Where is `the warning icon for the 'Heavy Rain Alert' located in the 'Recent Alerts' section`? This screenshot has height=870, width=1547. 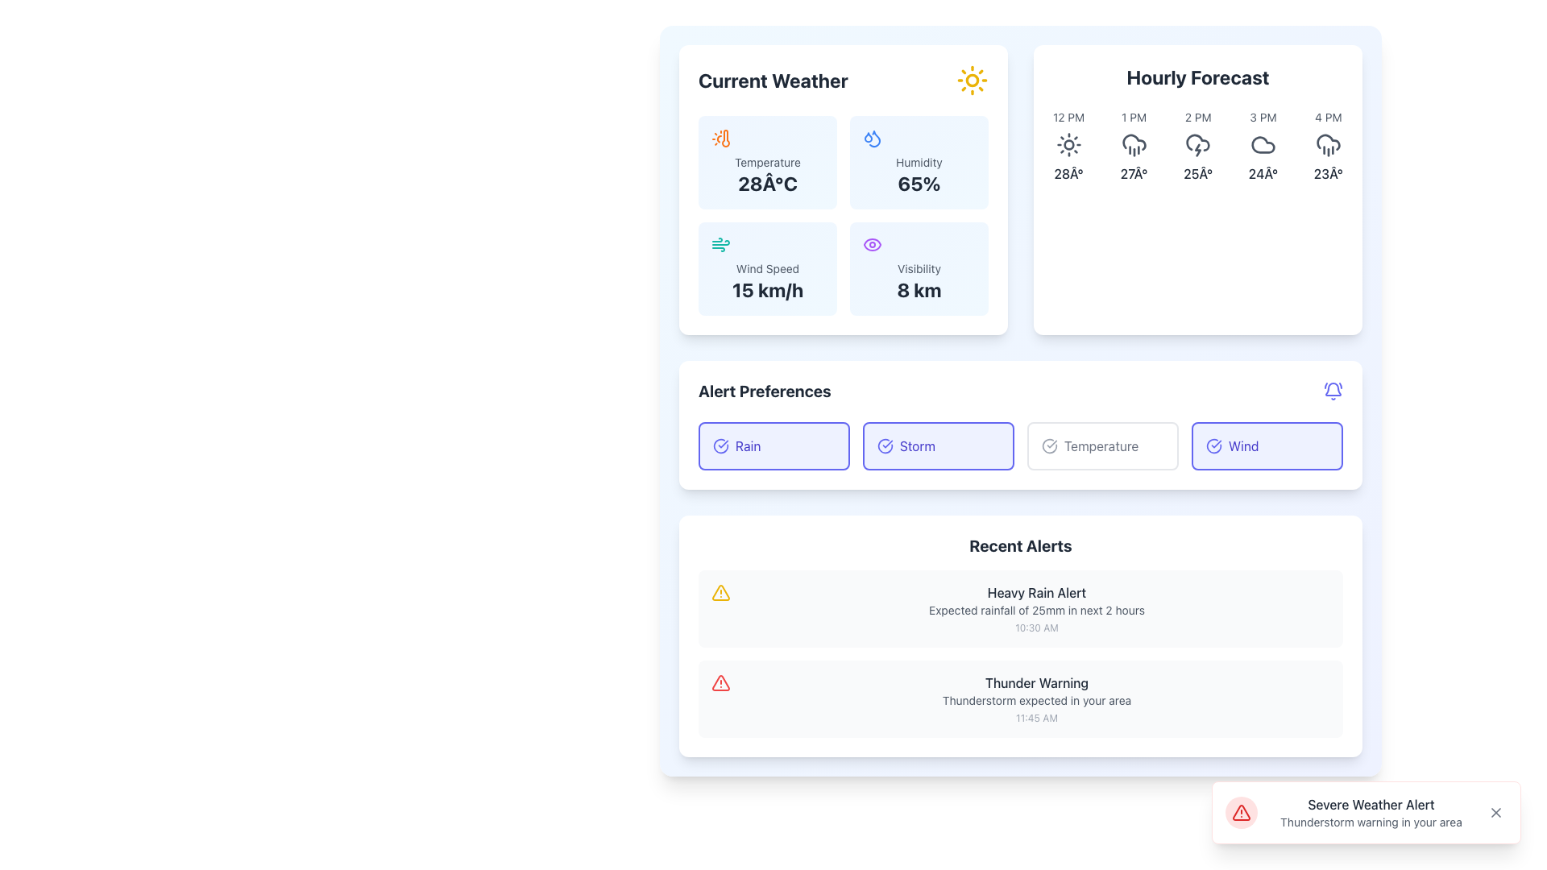
the warning icon for the 'Heavy Rain Alert' located in the 'Recent Alerts' section is located at coordinates (720, 593).